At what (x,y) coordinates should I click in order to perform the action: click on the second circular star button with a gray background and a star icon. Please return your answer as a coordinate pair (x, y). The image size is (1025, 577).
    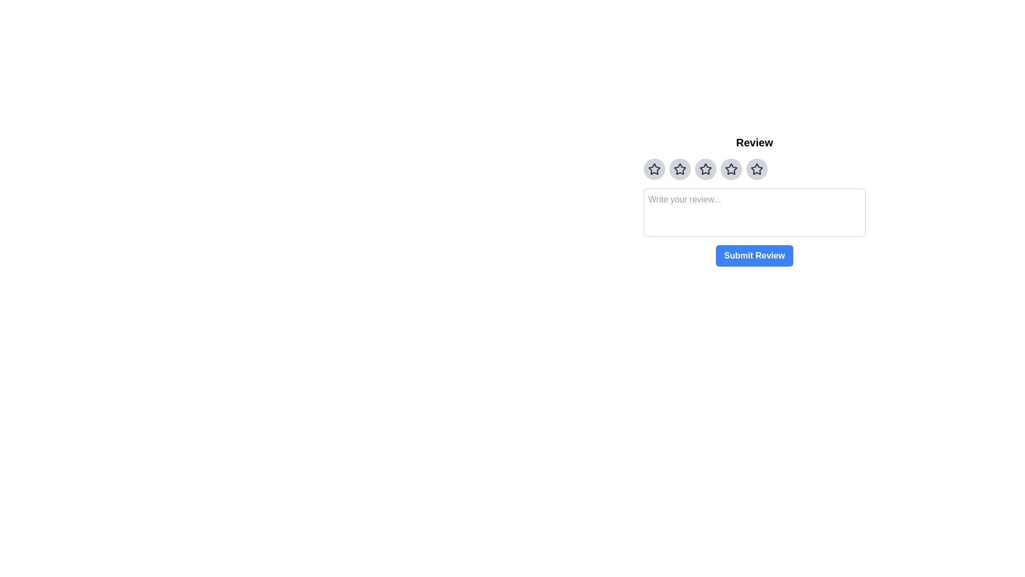
    Looking at the image, I should click on (679, 168).